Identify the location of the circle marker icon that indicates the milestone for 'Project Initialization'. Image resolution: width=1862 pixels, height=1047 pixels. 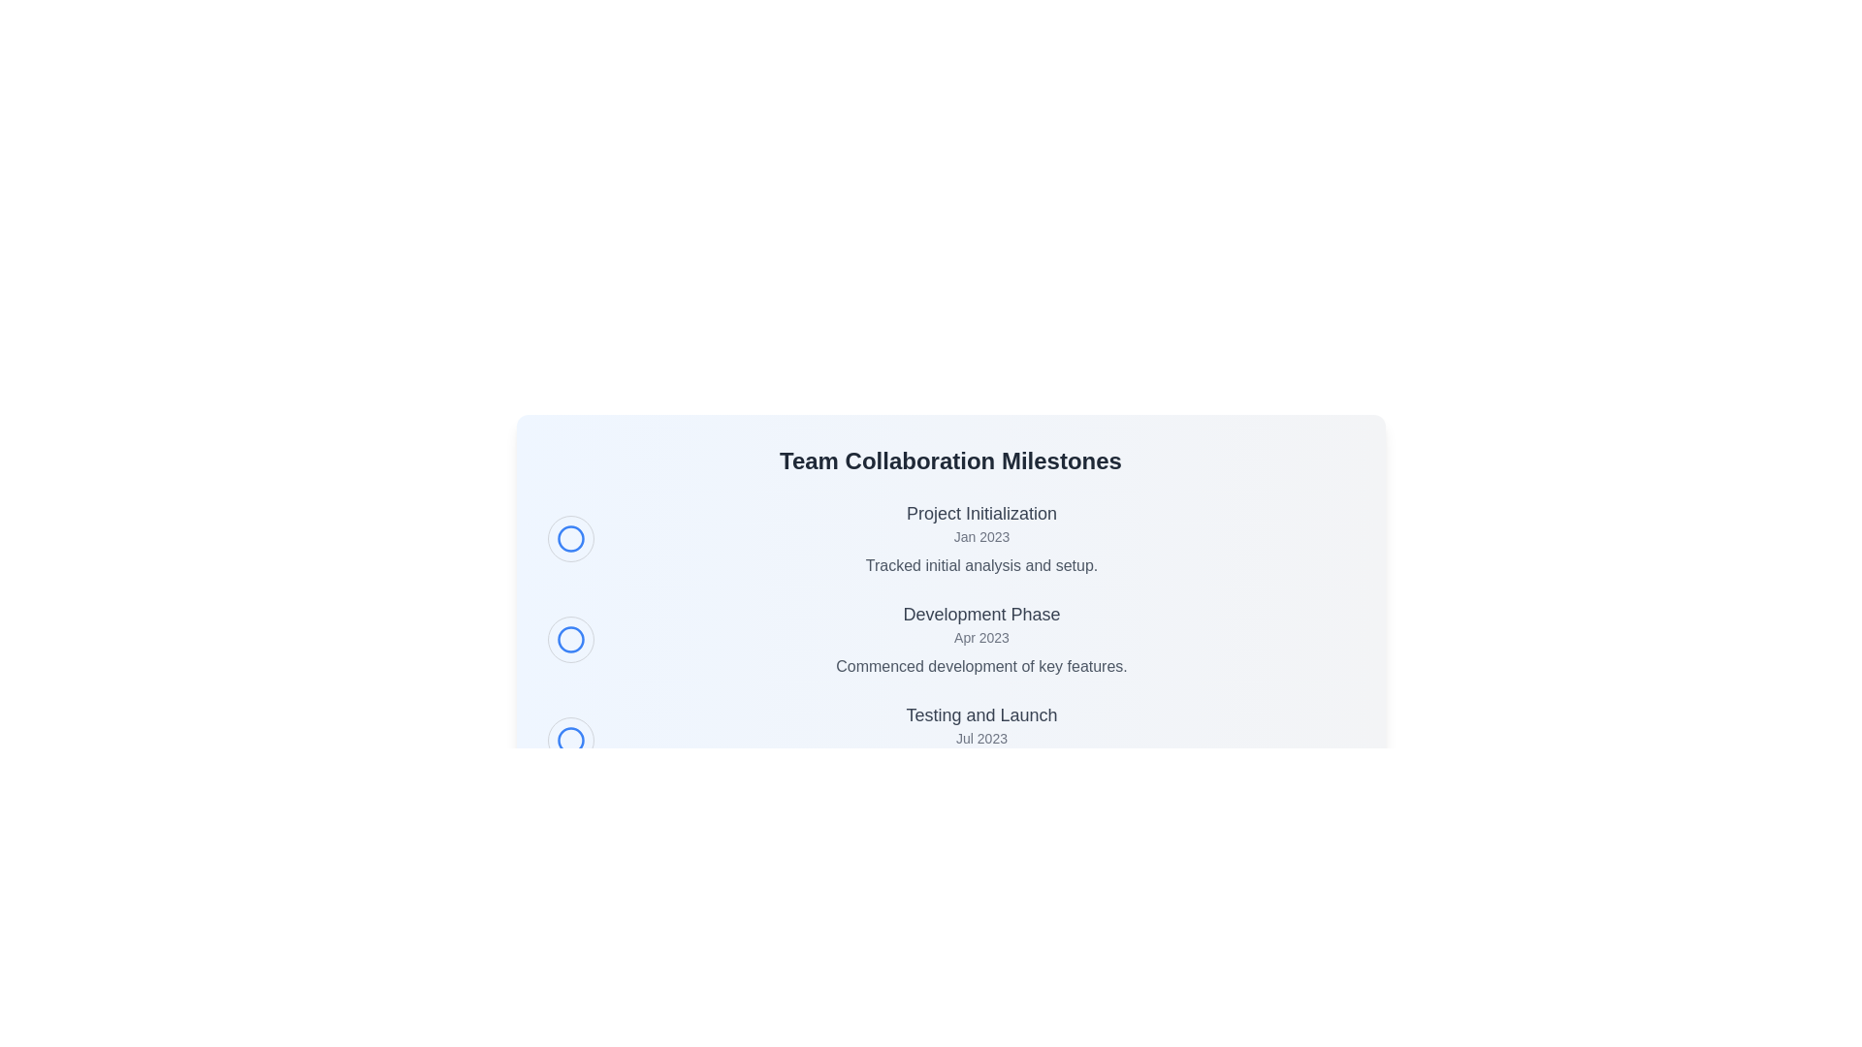
(569, 538).